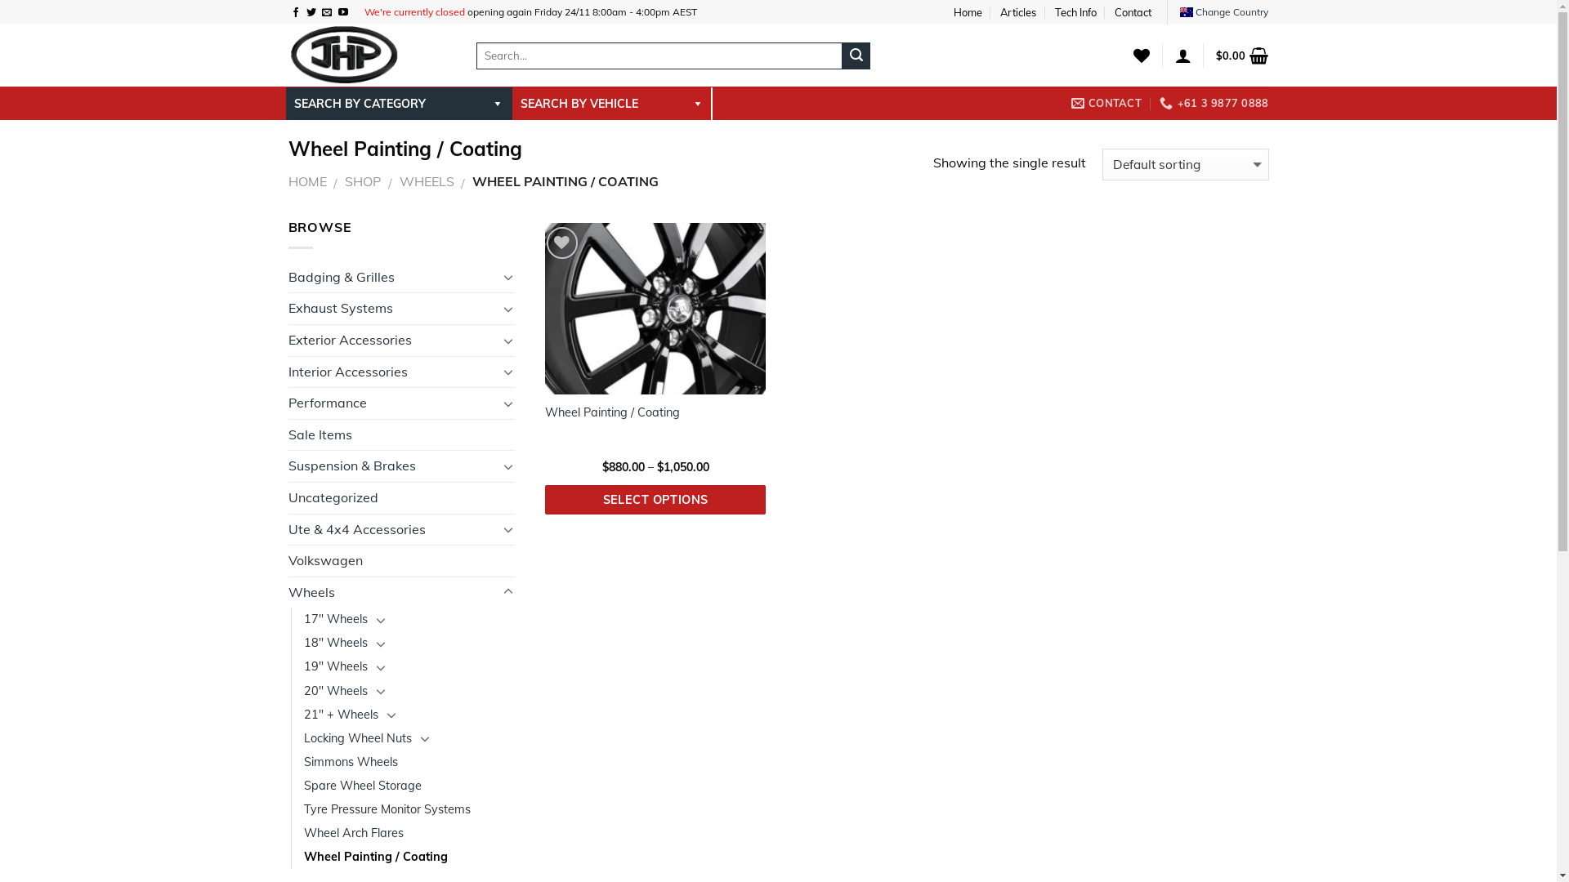 The width and height of the screenshot is (1569, 882). Describe the element at coordinates (427, 181) in the screenshot. I see `'WHEELS'` at that location.